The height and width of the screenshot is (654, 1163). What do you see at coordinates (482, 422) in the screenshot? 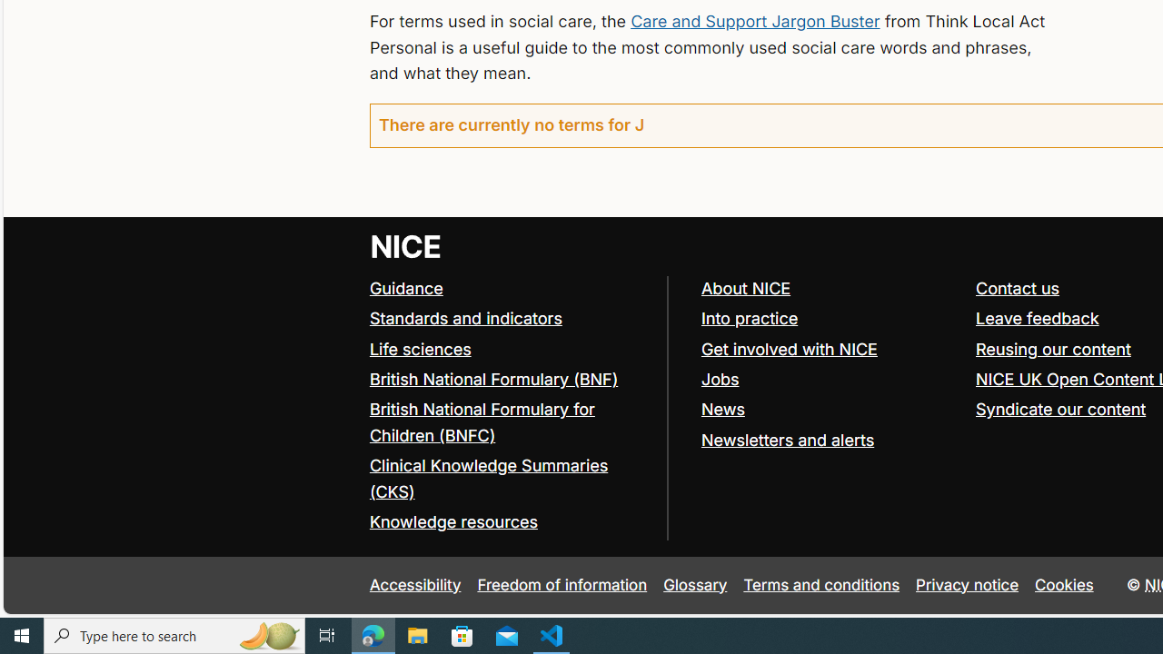
I see `'British National Formulary for Children (BNFC)'` at bounding box center [482, 422].